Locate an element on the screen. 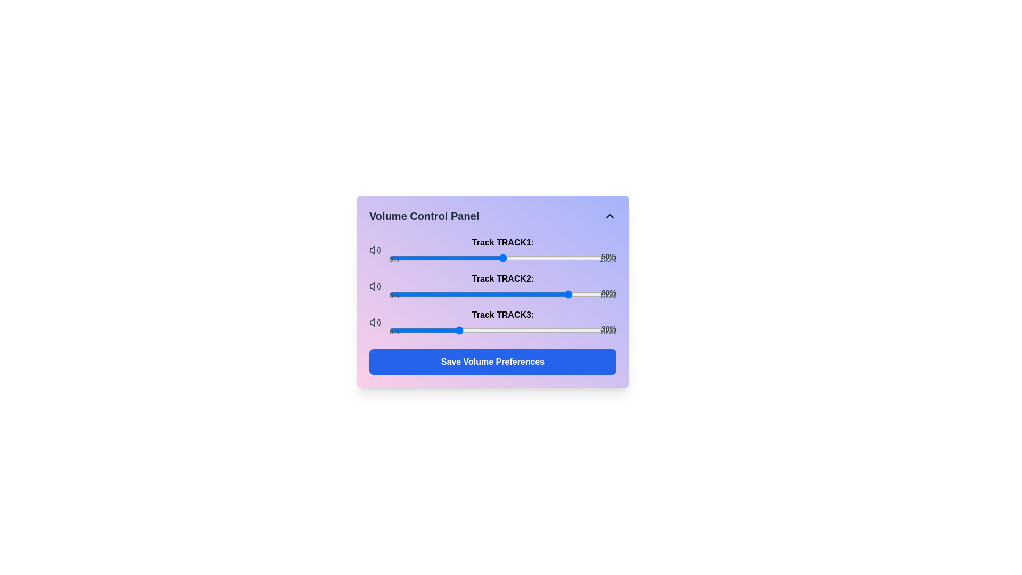  the volume of Track TRACK3 is located at coordinates (577, 330).